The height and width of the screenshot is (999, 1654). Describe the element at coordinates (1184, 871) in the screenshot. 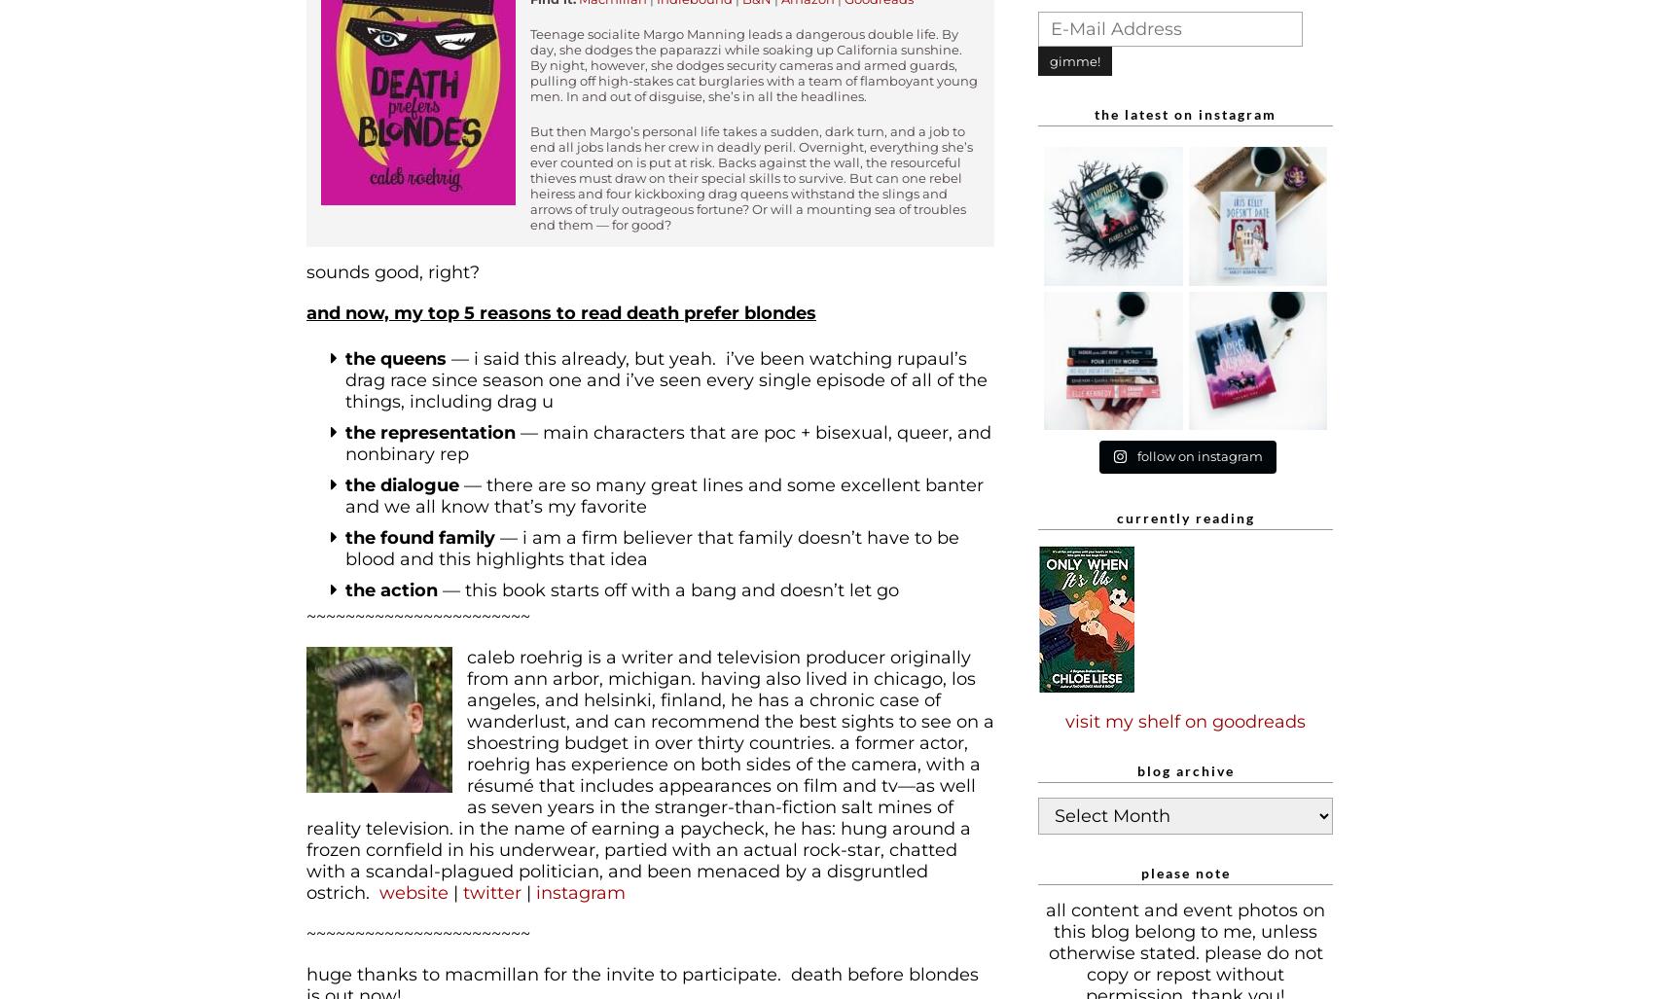

I see `'Please note'` at that location.